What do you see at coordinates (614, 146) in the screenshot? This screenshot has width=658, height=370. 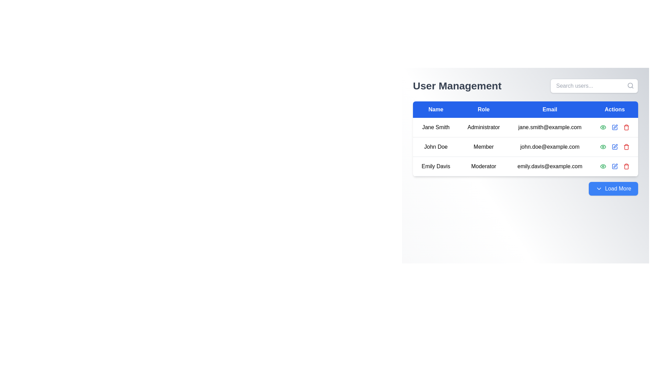 I see `the icon representing a box functionality located inside a faintly outlined button in the Action column of the user management system, specifically near the edit-related icons in the second user row` at bounding box center [614, 146].